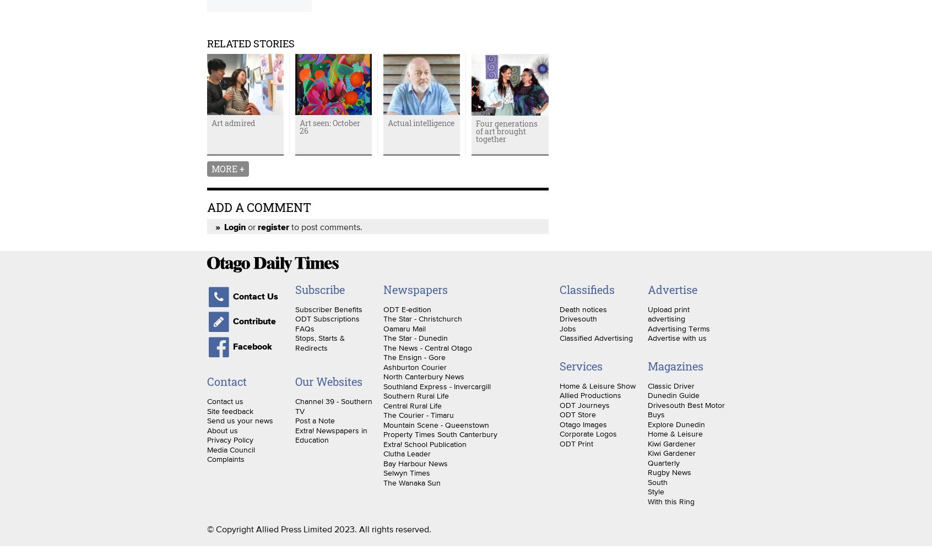 This screenshot has width=932, height=556. Describe the element at coordinates (406, 453) in the screenshot. I see `'Clutha Leader'` at that location.